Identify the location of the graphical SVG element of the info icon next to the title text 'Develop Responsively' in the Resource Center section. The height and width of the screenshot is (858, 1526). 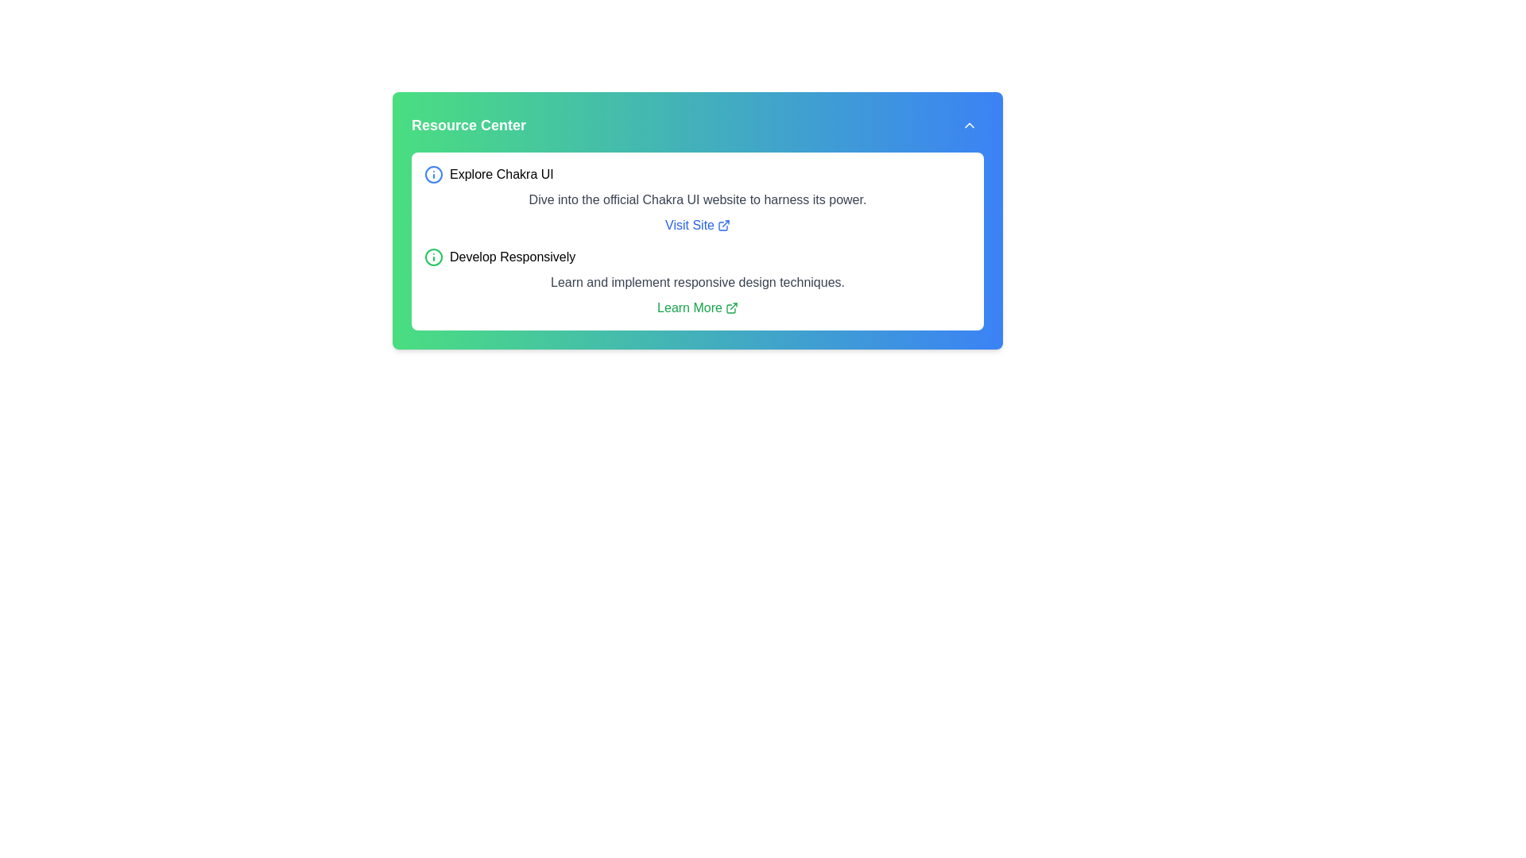
(434, 257).